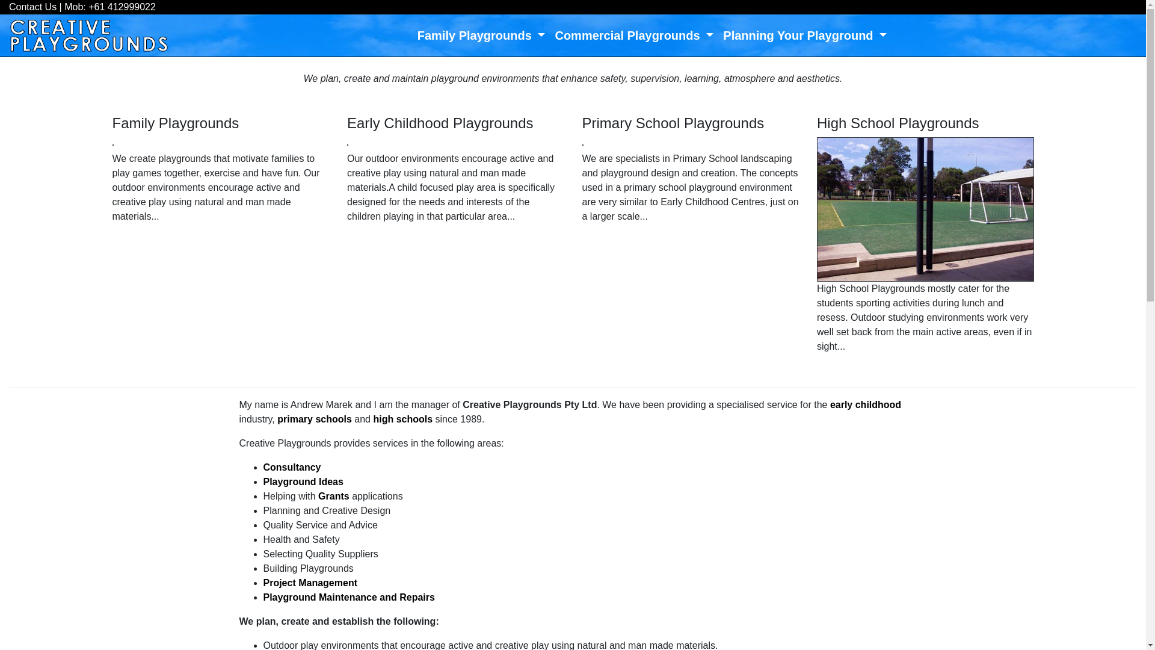 The height and width of the screenshot is (650, 1155). I want to click on '+61 412999022', so click(88, 7).